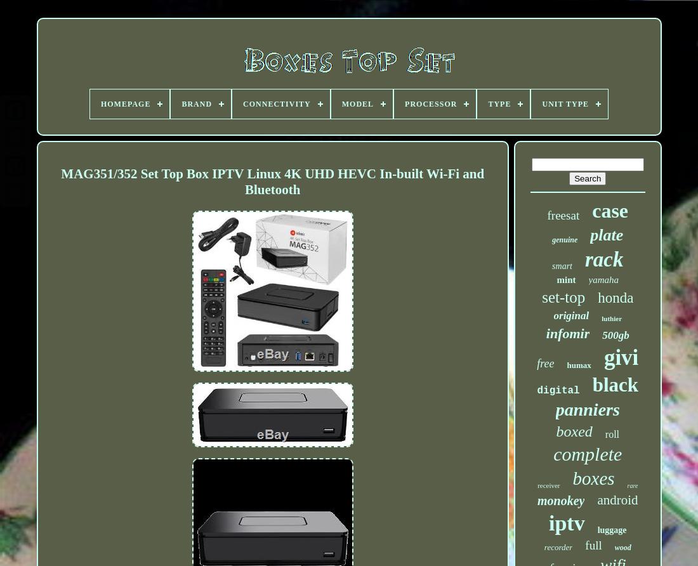 This screenshot has height=566, width=698. Describe the element at coordinates (603, 279) in the screenshot. I see `'yamaha'` at that location.